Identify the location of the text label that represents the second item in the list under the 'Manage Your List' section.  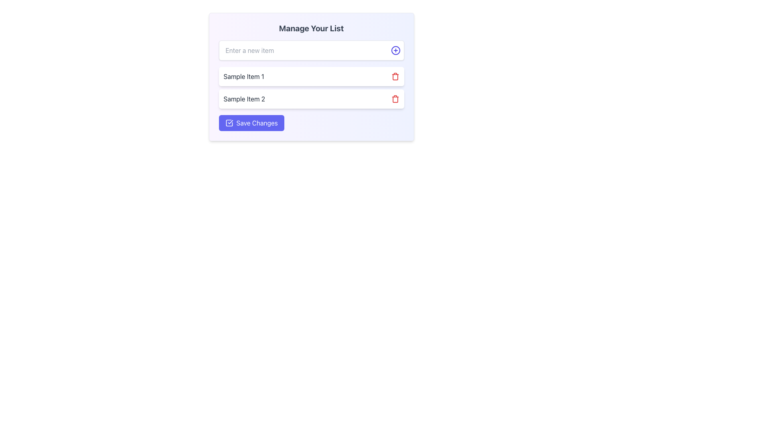
(244, 98).